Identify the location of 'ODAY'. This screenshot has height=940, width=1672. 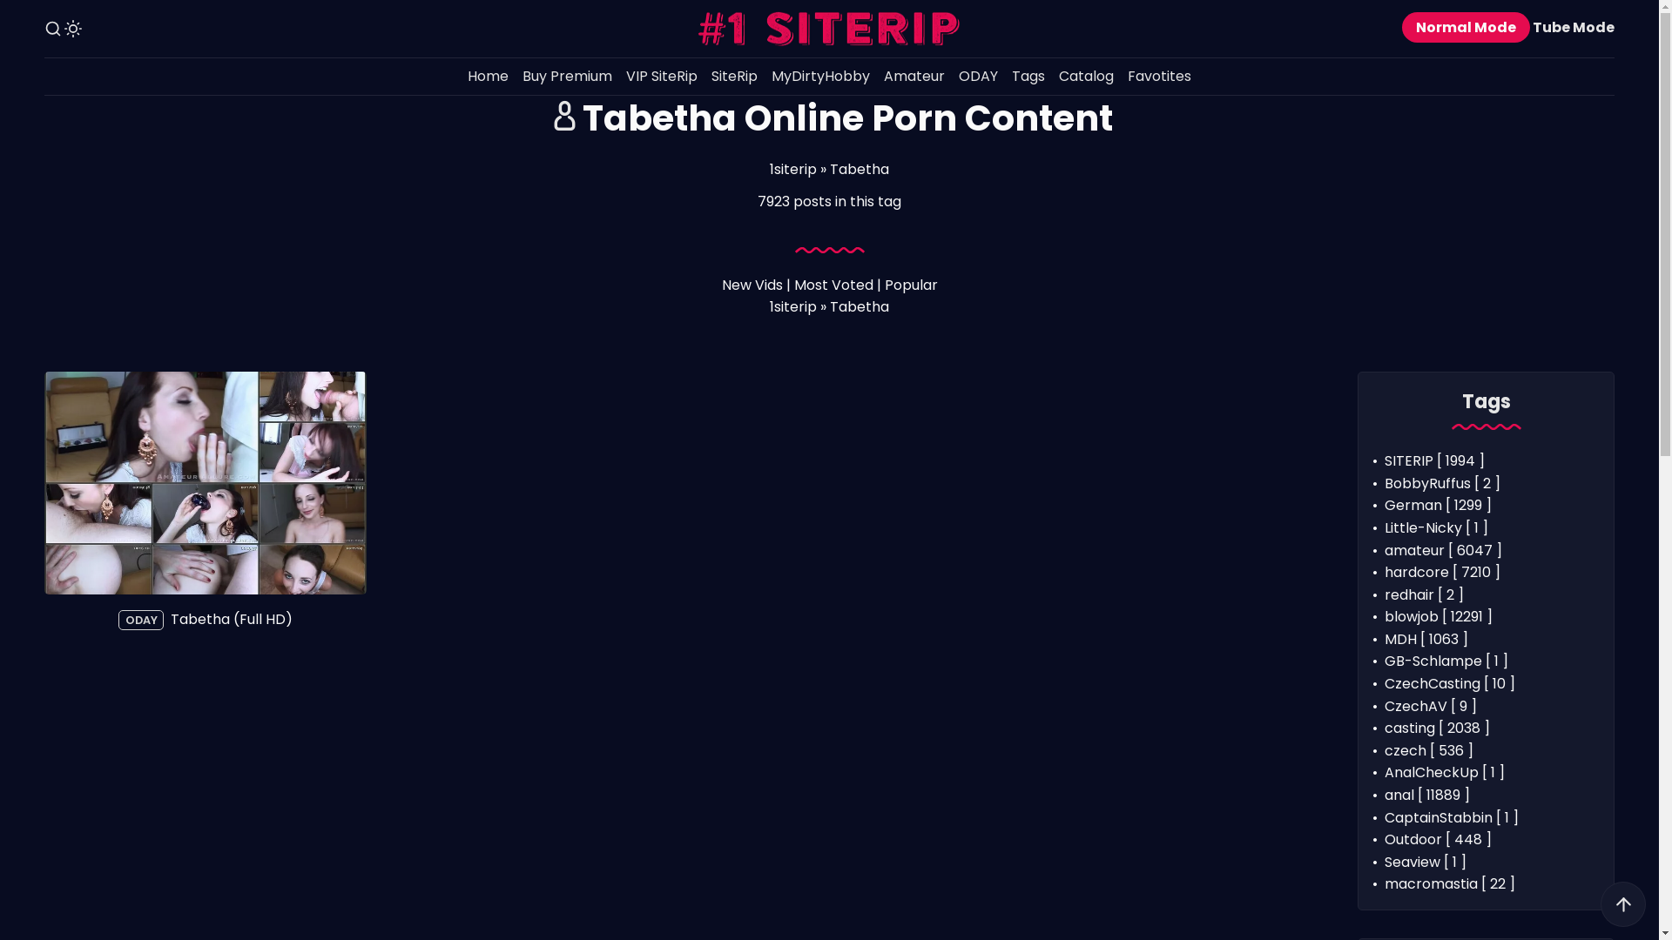
(951, 76).